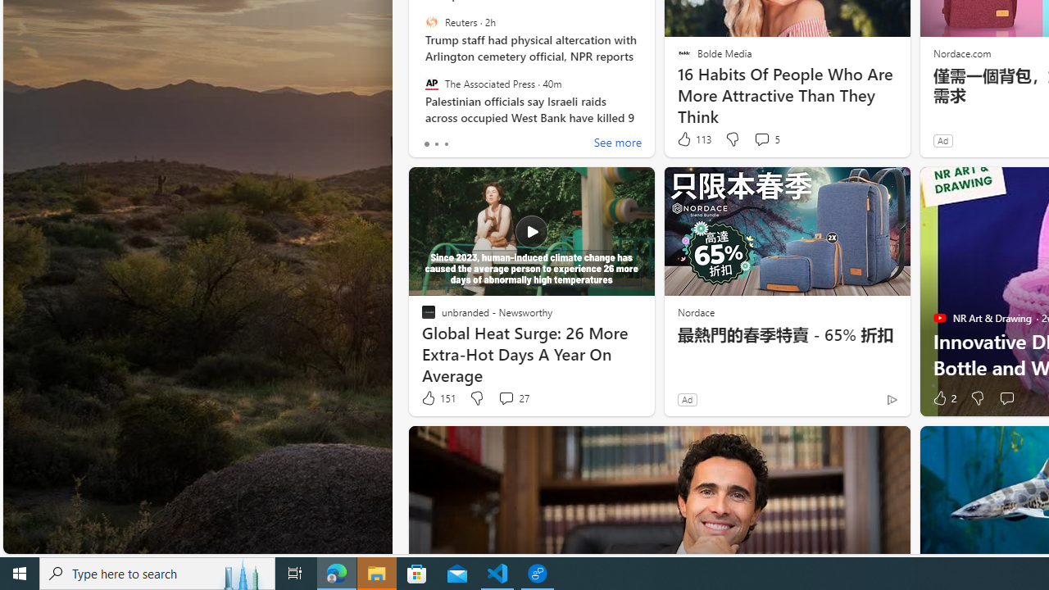 The image size is (1049, 590). What do you see at coordinates (765, 138) in the screenshot?
I see `'View comments 5 Comment'` at bounding box center [765, 138].